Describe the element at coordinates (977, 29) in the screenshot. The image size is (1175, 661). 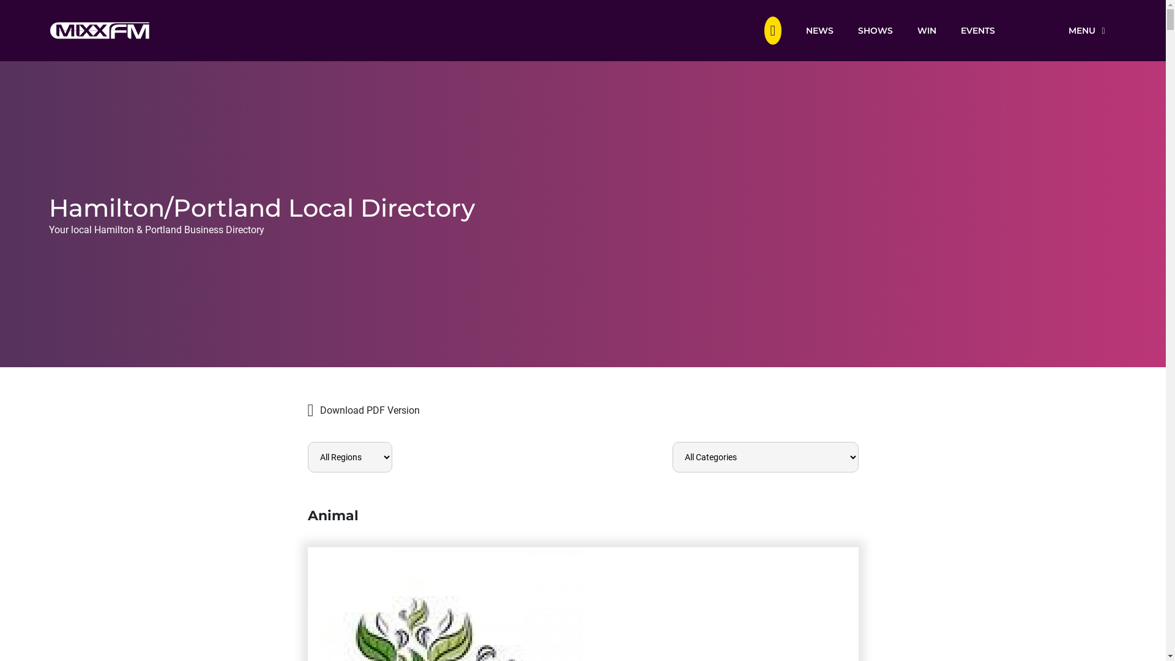
I see `'EVENTS'` at that location.